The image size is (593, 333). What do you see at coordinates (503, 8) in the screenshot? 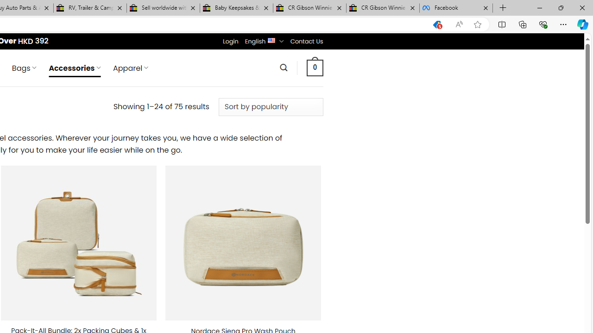
I see `'New Tab'` at bounding box center [503, 8].